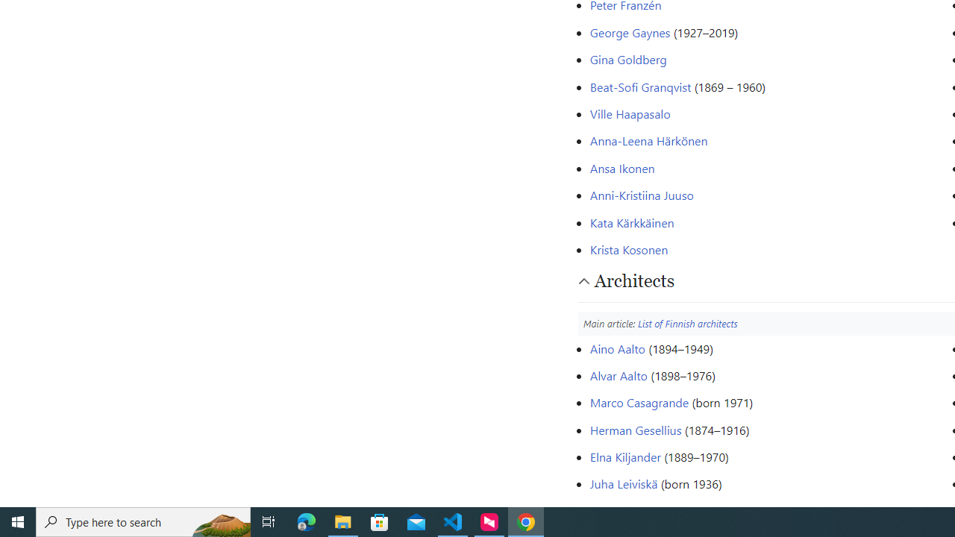 The width and height of the screenshot is (955, 537). Describe the element at coordinates (624, 456) in the screenshot. I see `'Elna Kiljander'` at that location.